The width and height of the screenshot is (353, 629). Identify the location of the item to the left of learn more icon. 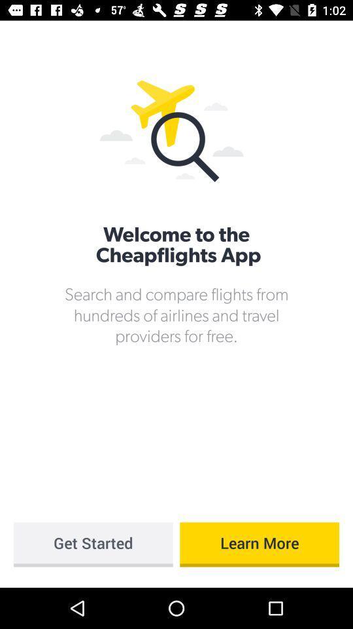
(92, 544).